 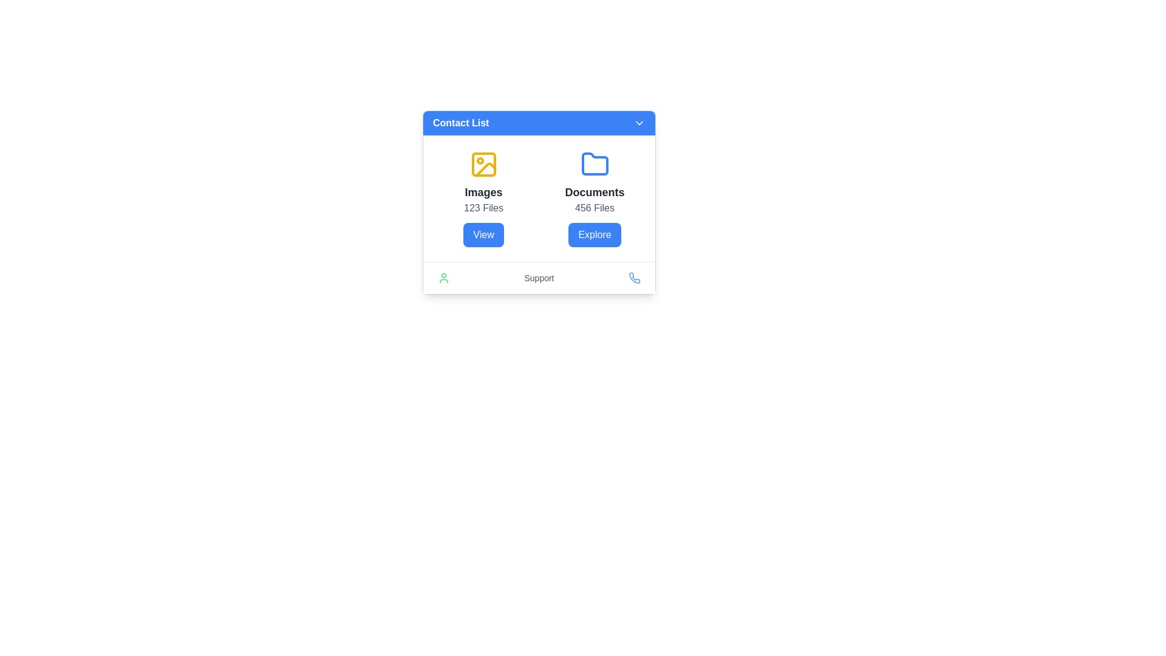 I want to click on the support text label located at the bottom section of the card-like UI component, so click(x=539, y=277).